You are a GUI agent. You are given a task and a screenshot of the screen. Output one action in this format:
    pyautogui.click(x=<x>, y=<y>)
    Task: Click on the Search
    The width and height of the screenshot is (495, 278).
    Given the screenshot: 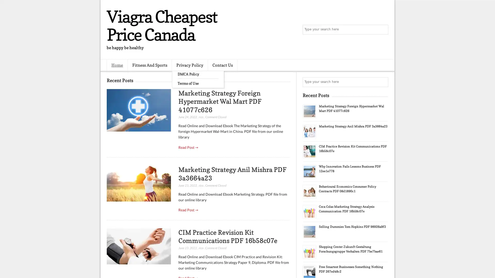 What is the action you would take?
    pyautogui.click(x=383, y=30)
    